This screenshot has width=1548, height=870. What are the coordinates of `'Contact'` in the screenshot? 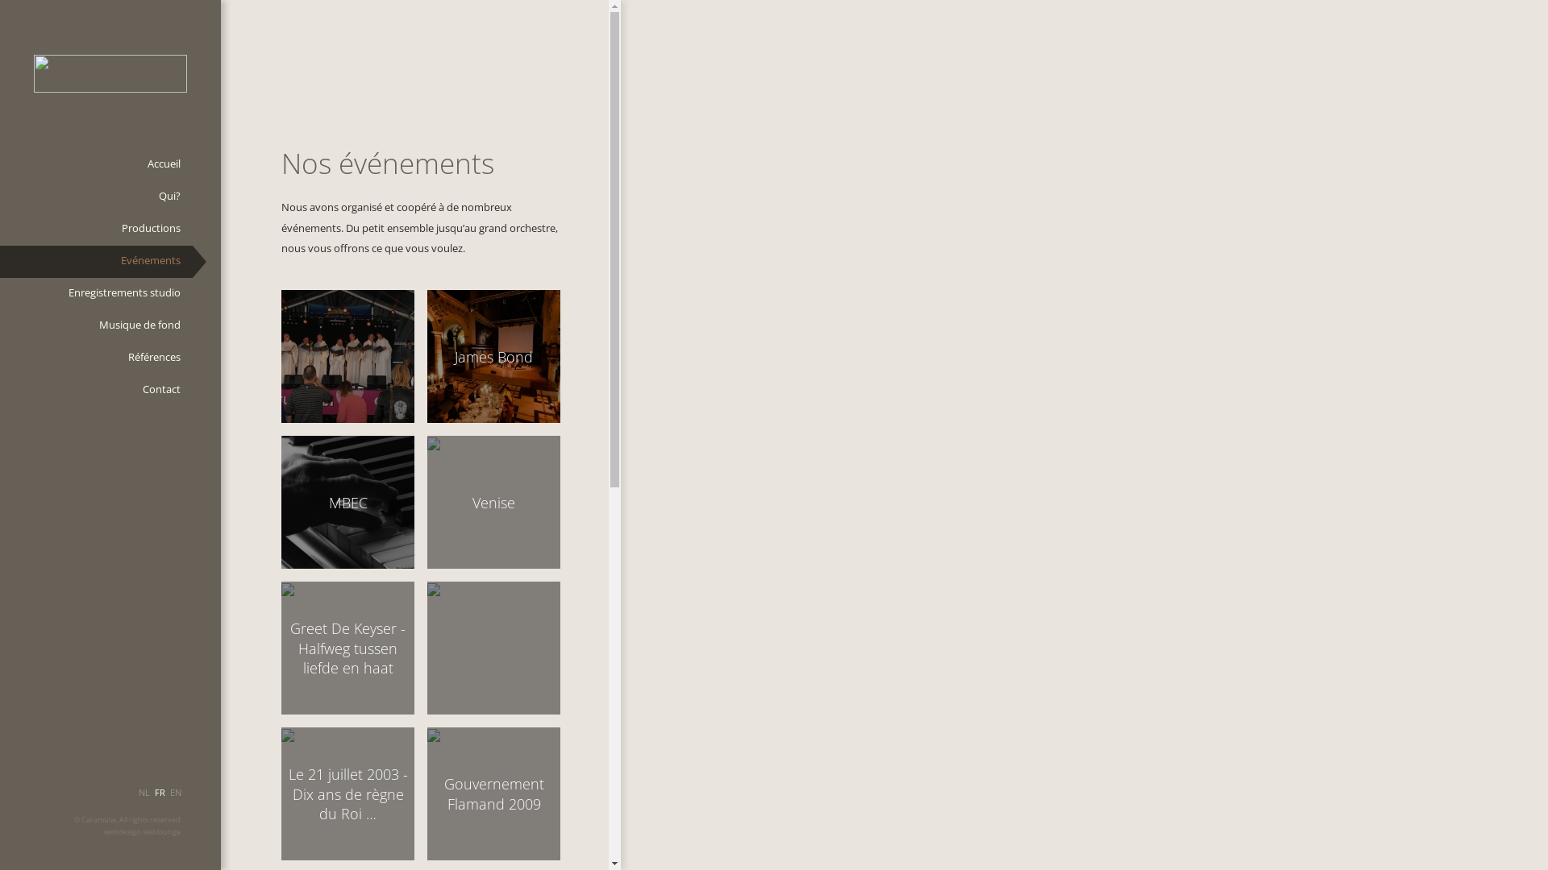 It's located at (95, 391).